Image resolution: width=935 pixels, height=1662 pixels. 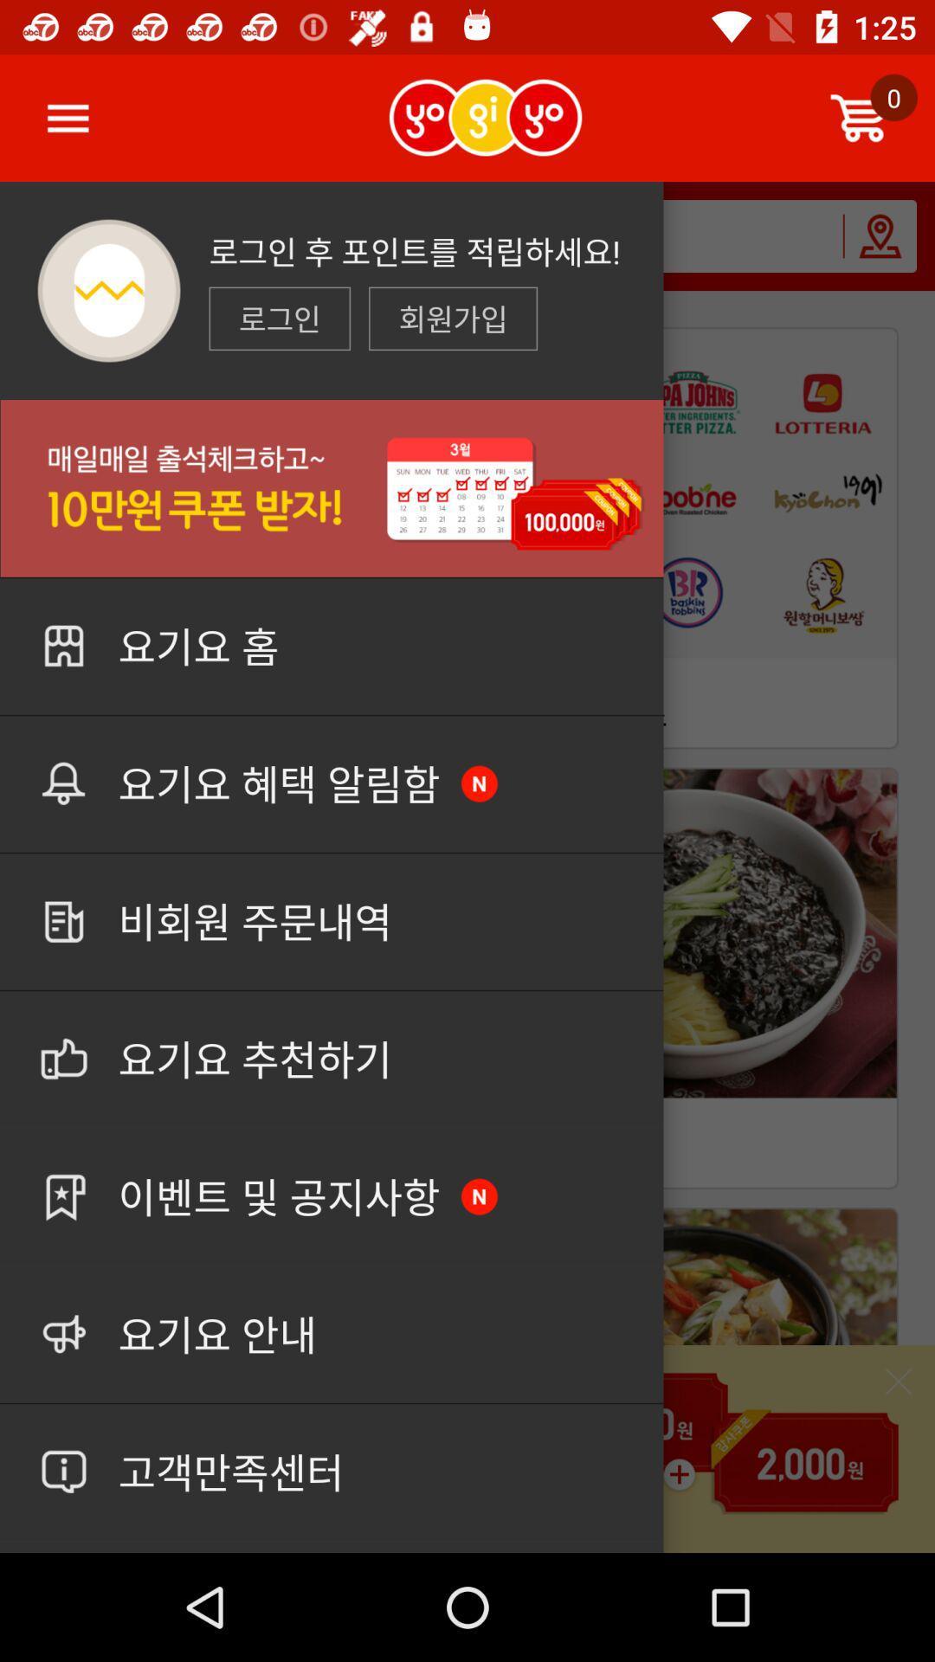 What do you see at coordinates (480, 1195) in the screenshot?
I see `the red color alphabet in the 3rd option from the bottom` at bounding box center [480, 1195].